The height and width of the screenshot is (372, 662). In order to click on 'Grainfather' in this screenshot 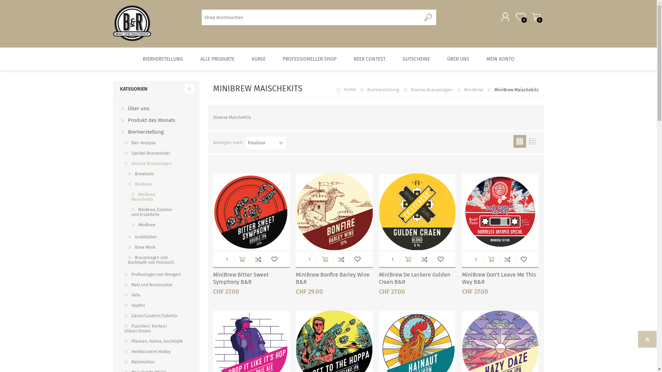, I will do `click(142, 236)`.